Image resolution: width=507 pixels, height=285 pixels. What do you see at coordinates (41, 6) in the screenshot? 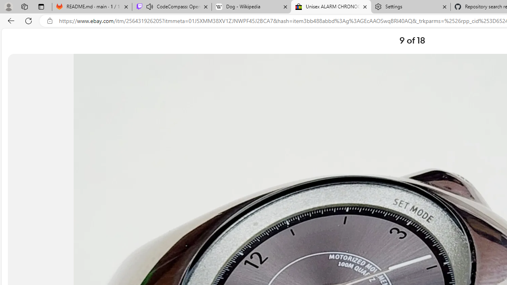
I see `'Tab actions menu'` at bounding box center [41, 6].